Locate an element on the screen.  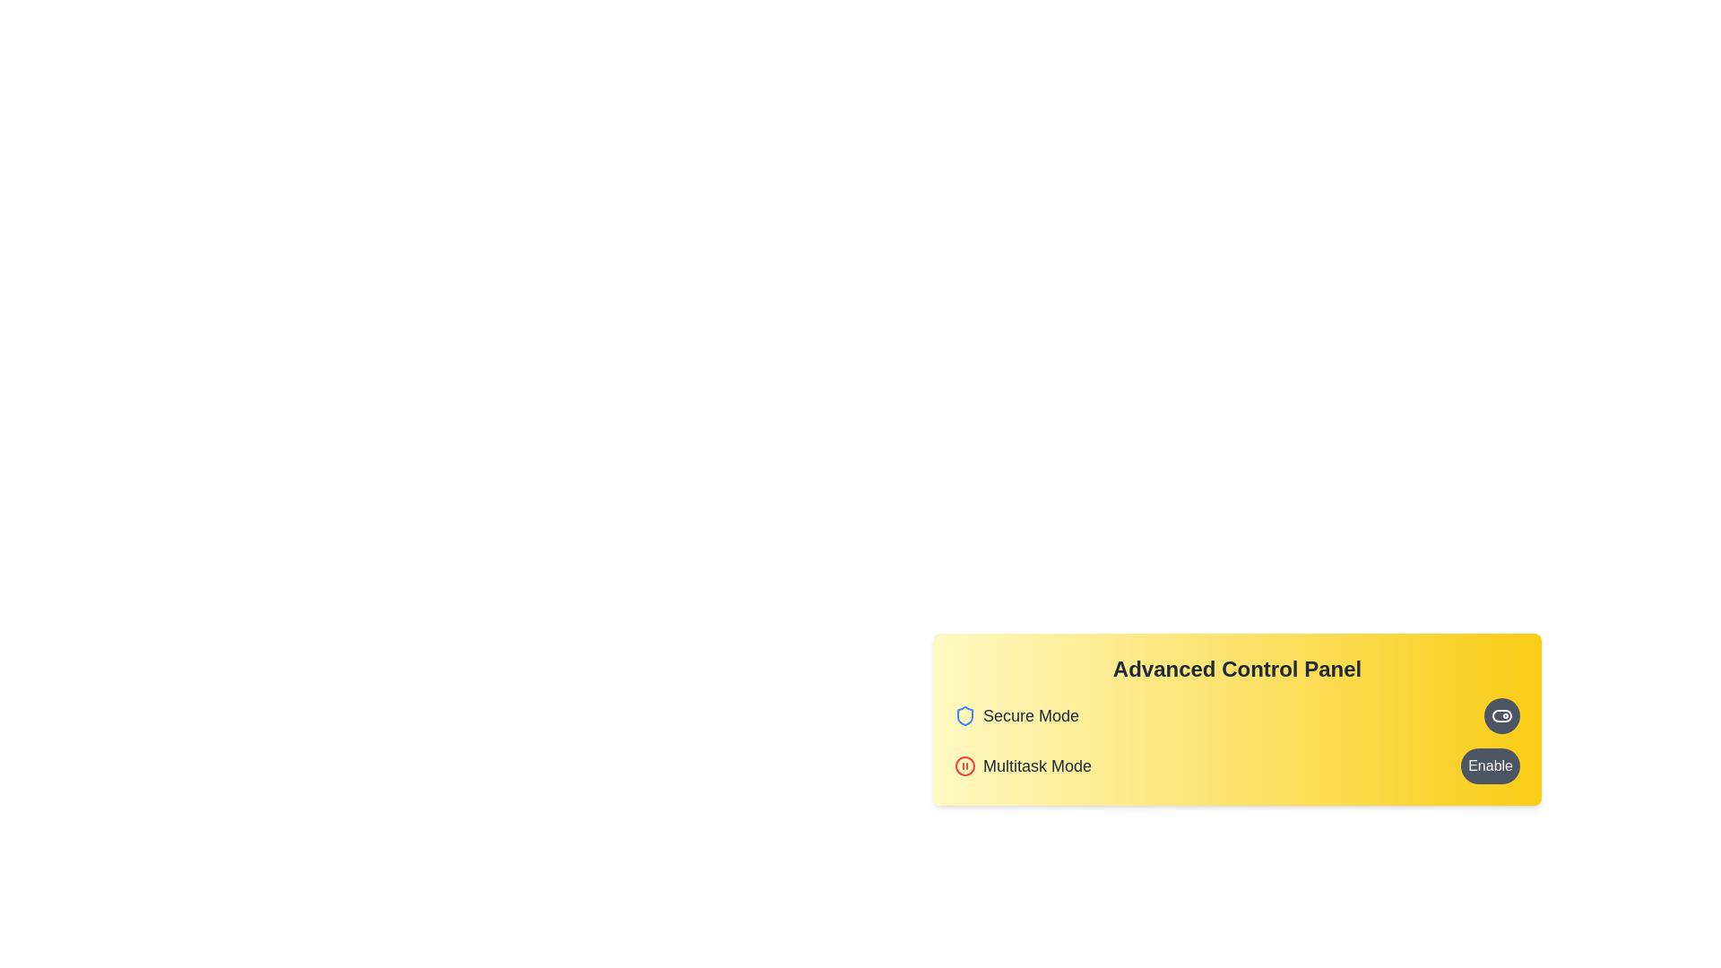
the rounded toggle switch button with a gray background and white outline is located at coordinates (1501, 714).